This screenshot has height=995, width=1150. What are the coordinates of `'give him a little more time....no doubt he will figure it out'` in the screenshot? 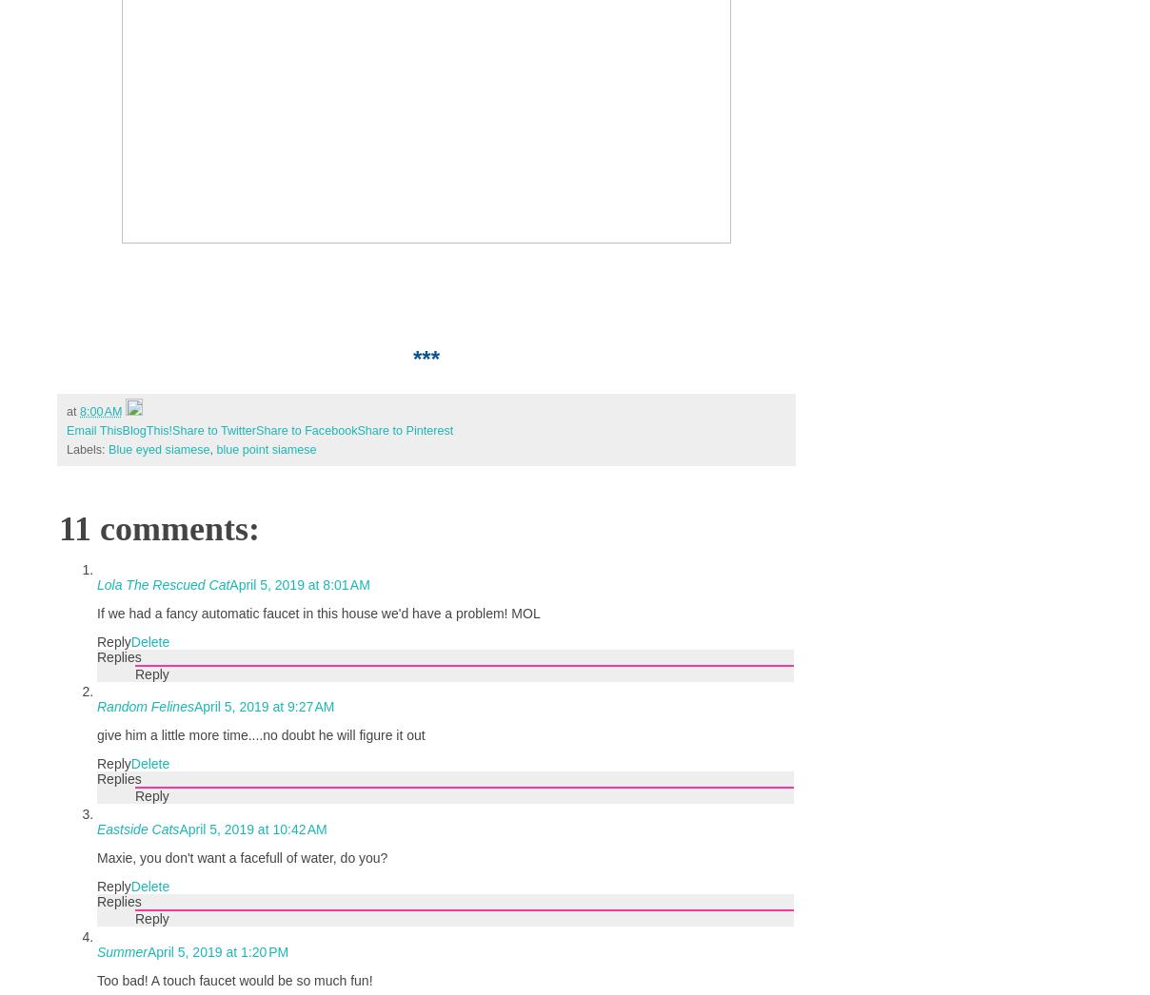 It's located at (260, 733).